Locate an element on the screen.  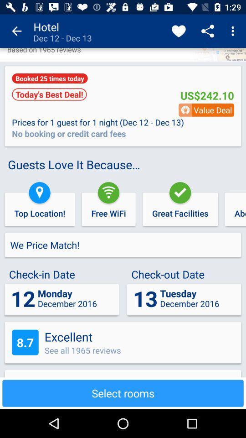
the icon above the based on 1965 item is located at coordinates (16, 31).